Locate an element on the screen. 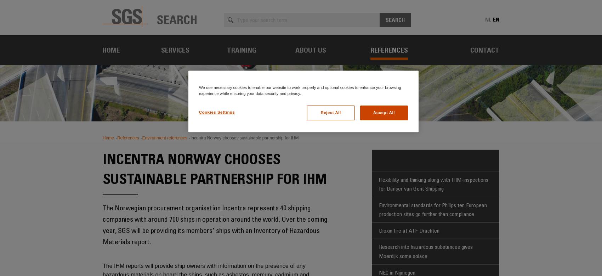 The height and width of the screenshot is (276, 602). 'Dioxin fire at ATF Drachten' is located at coordinates (409, 230).